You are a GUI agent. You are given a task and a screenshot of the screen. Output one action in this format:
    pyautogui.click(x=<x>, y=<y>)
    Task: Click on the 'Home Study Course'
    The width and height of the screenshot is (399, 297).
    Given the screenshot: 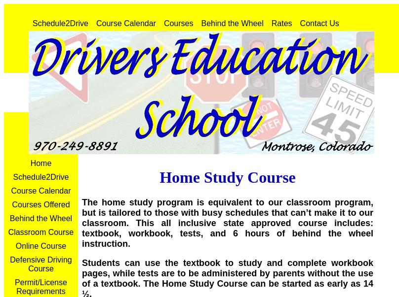 What is the action you would take?
    pyautogui.click(x=227, y=176)
    